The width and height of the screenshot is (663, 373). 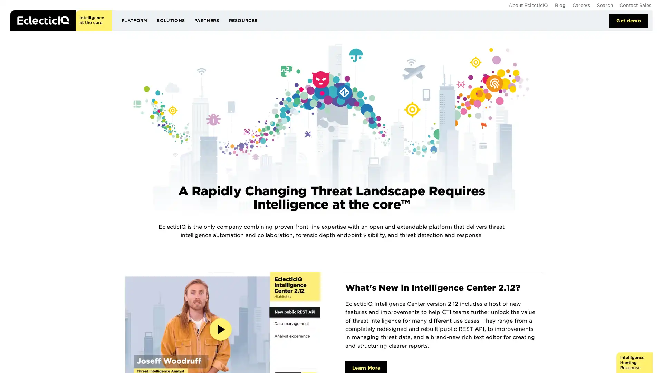 I want to click on Customize Settings, so click(x=306, y=71).